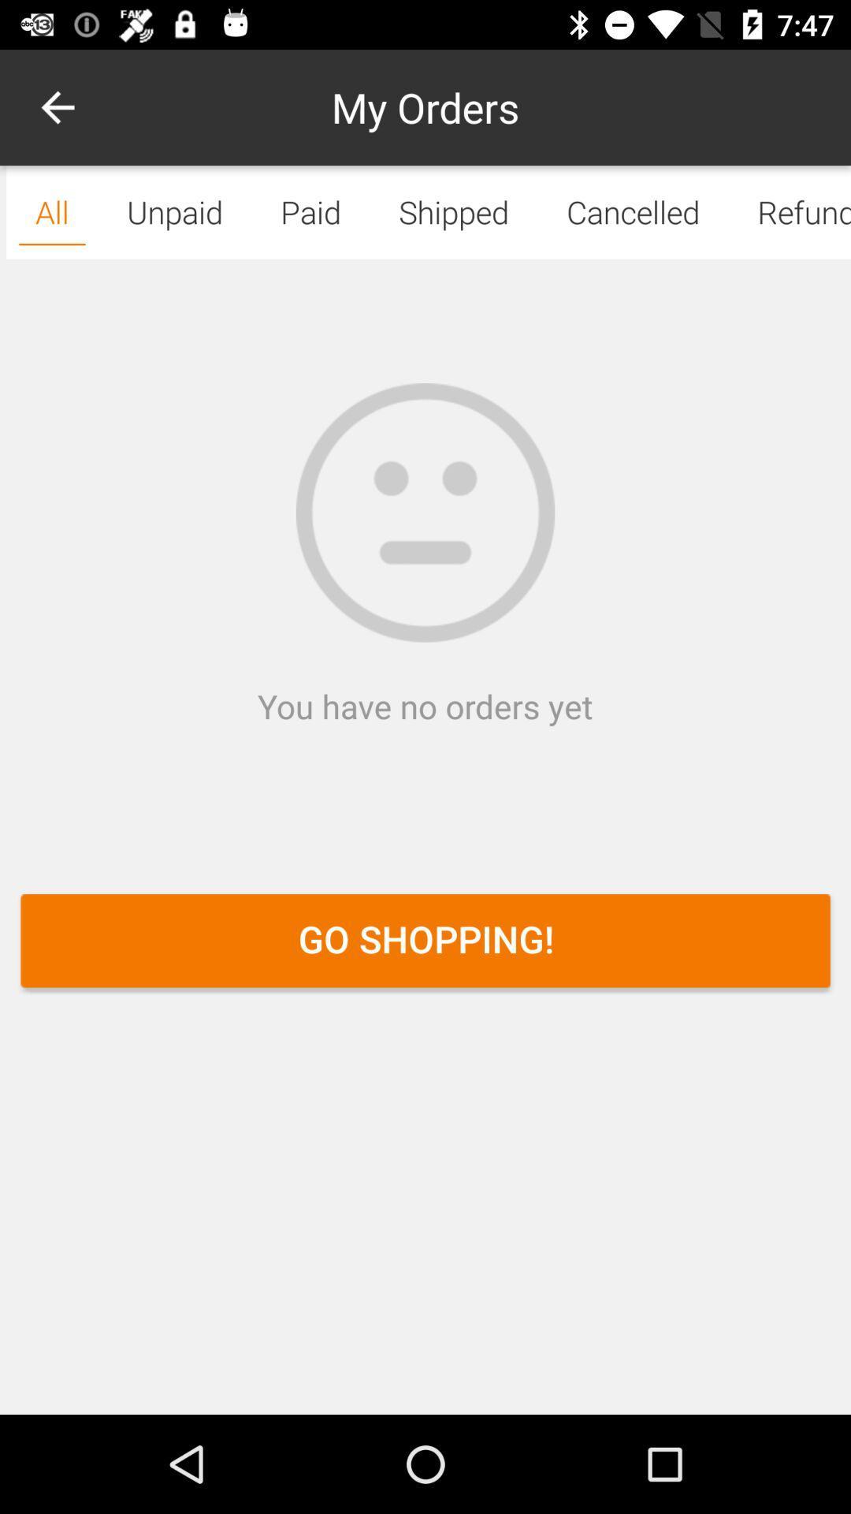 The image size is (851, 1514). Describe the element at coordinates (632, 211) in the screenshot. I see `cancelled` at that location.